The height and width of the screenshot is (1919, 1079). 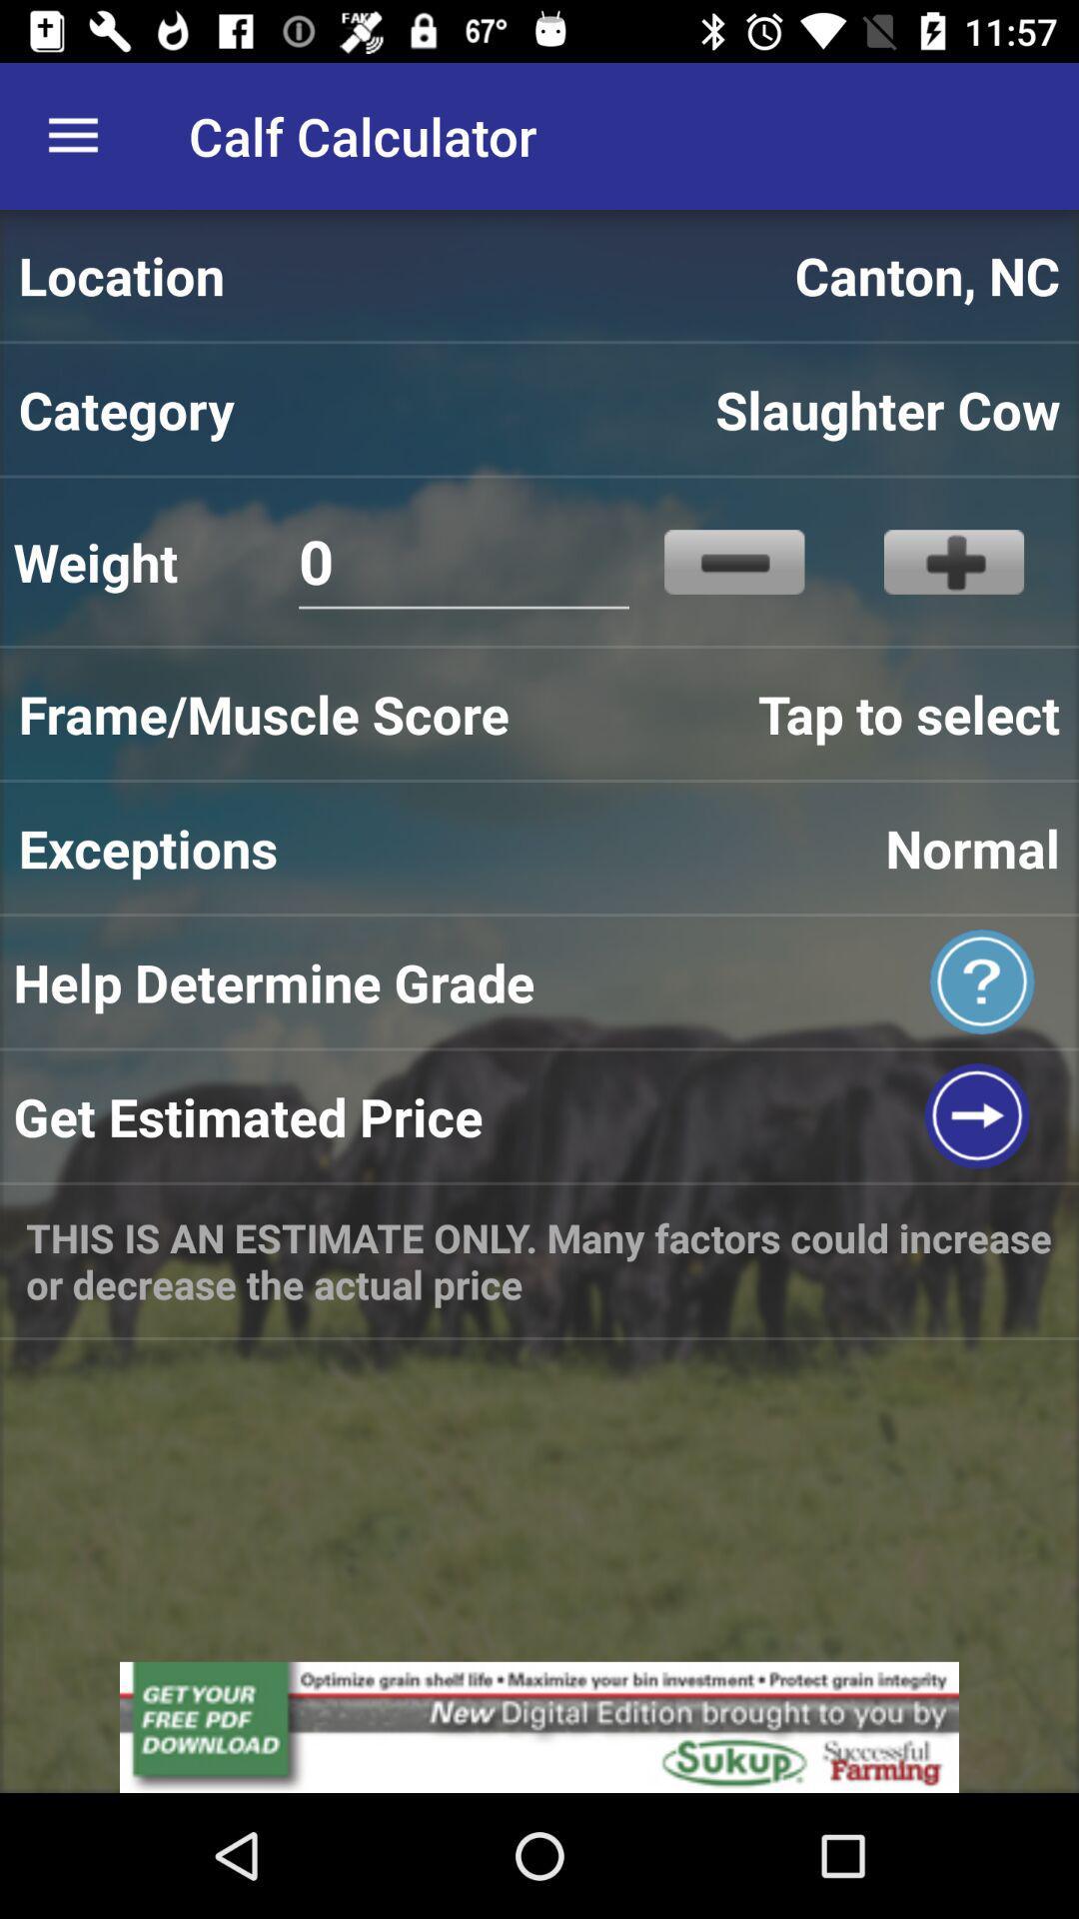 I want to click on goes to advertiser 's website, so click(x=539, y=1726).